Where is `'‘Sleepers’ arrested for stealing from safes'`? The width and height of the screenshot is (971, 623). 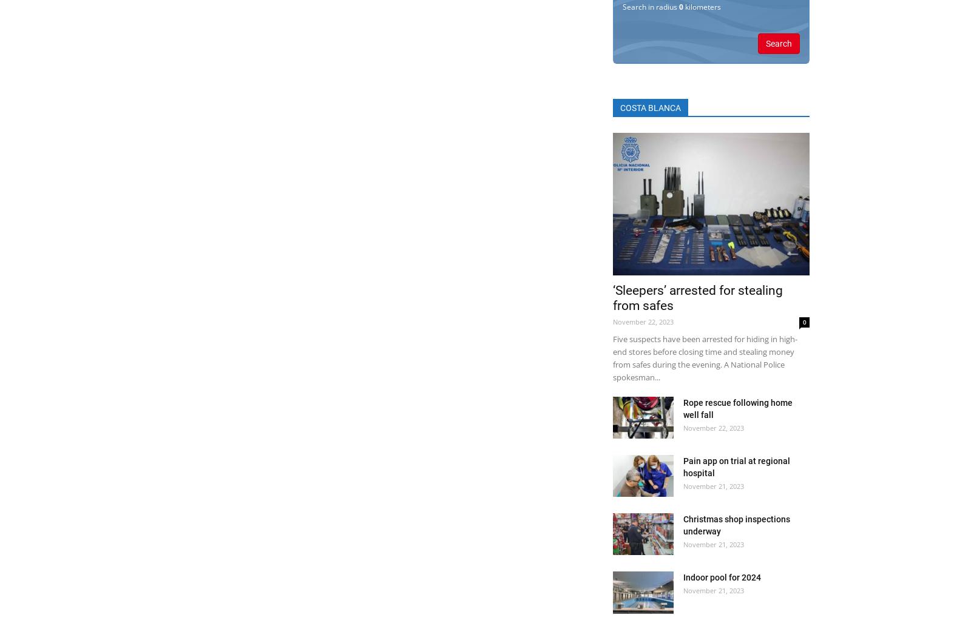 '‘Sleepers’ arrested for stealing from safes' is located at coordinates (698, 298).